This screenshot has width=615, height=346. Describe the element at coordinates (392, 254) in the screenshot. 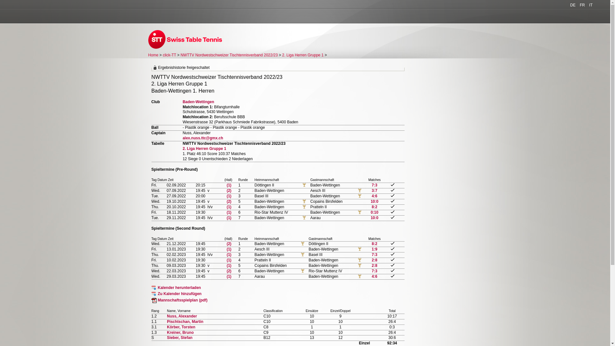

I see `'Spielbericht genehmigt'` at that location.